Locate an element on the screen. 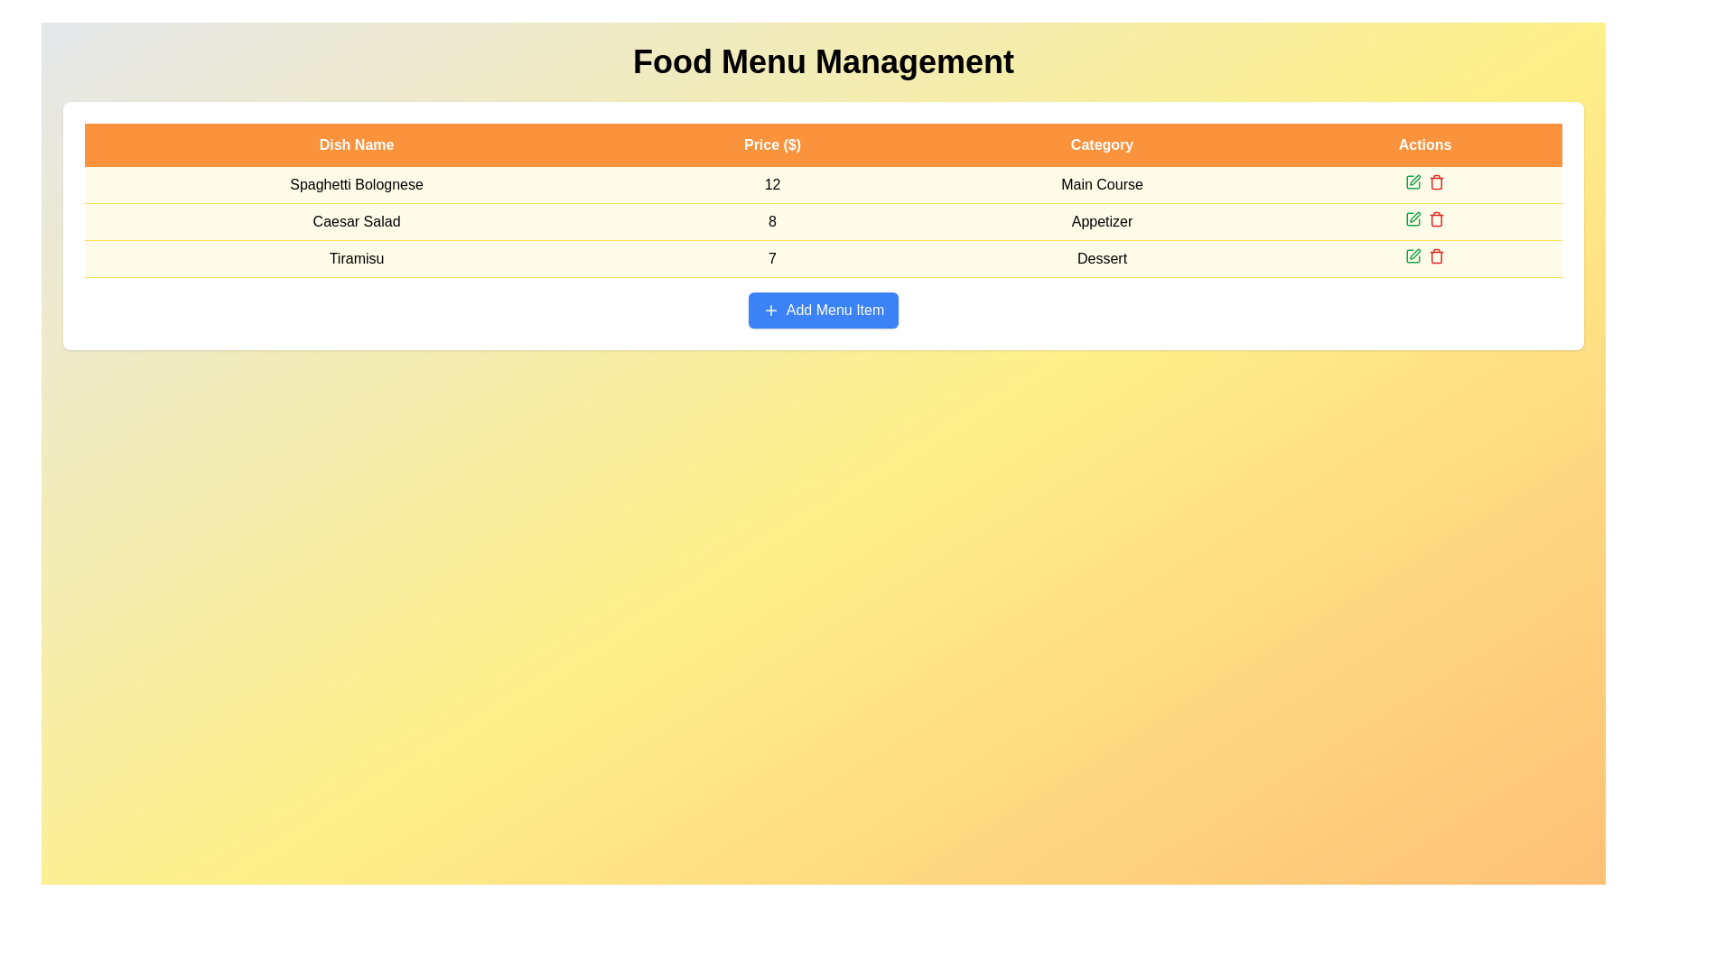 The height and width of the screenshot is (975, 1734). the delete button for the first row in the Actions column, associated with the 'Spaghetti Bolognese' dish is located at coordinates (1436, 181).